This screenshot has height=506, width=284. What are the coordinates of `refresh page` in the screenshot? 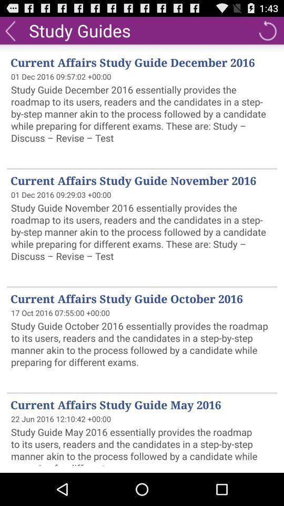 It's located at (267, 30).